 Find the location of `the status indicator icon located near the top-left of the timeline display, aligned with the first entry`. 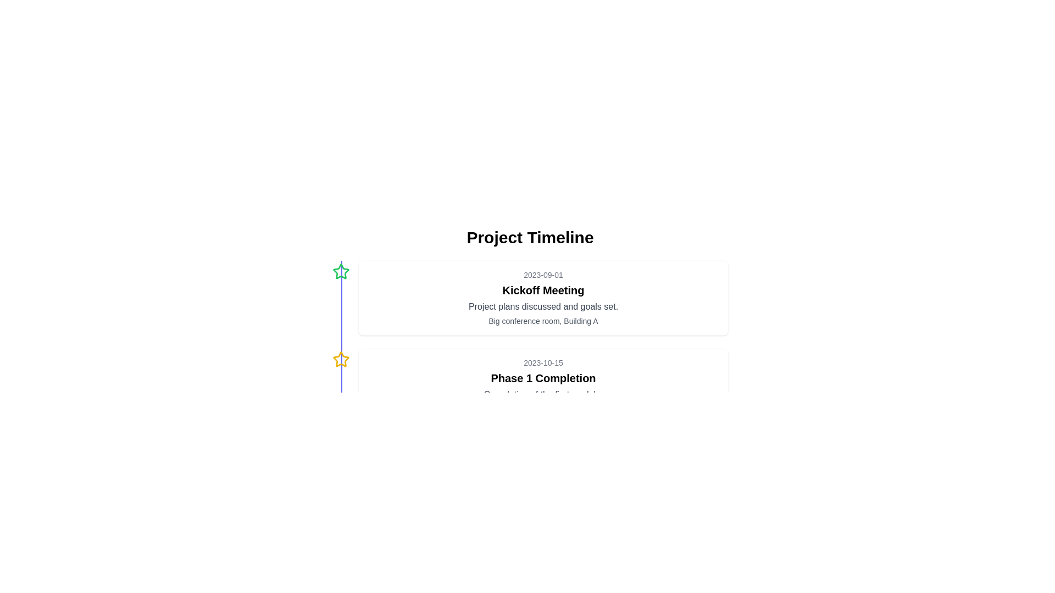

the status indicator icon located near the top-left of the timeline display, aligned with the first entry is located at coordinates (340, 271).